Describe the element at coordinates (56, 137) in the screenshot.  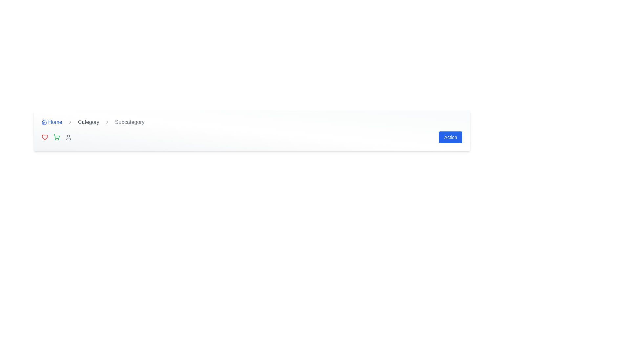
I see `the green shopping cart icon located in the top-left area of the interface` at that location.